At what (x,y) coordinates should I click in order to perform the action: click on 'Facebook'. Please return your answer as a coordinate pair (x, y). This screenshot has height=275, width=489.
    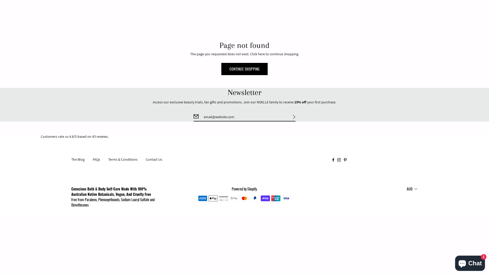
    Looking at the image, I should click on (333, 159).